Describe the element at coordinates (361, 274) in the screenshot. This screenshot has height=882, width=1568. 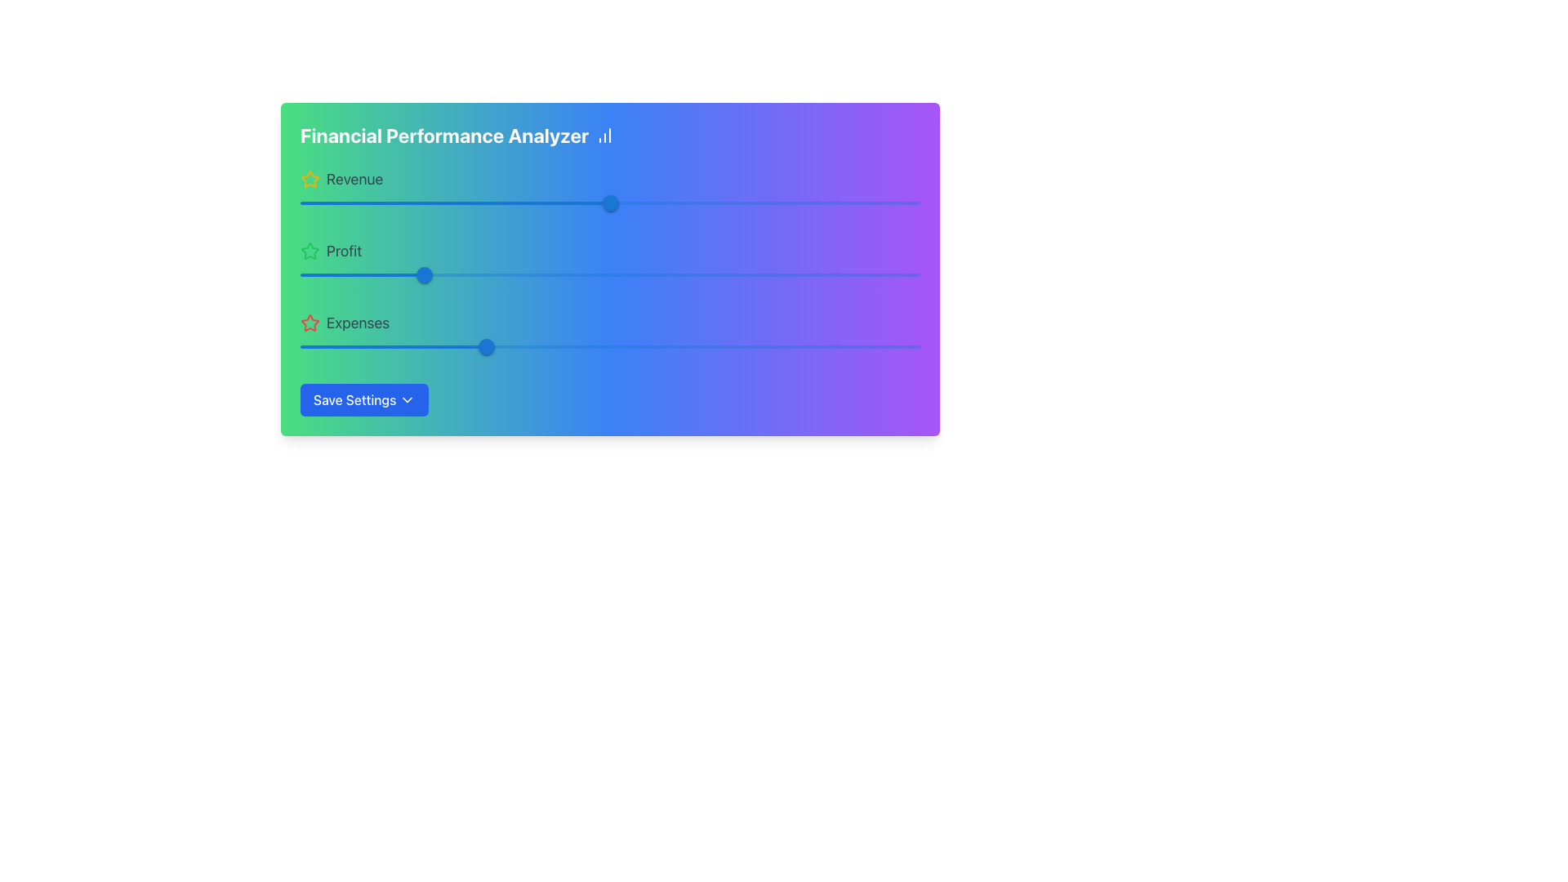
I see `the filled portion of the slider track labeled 'Profit' to adjust the slider value, which is currently set to 20% of its width` at that location.